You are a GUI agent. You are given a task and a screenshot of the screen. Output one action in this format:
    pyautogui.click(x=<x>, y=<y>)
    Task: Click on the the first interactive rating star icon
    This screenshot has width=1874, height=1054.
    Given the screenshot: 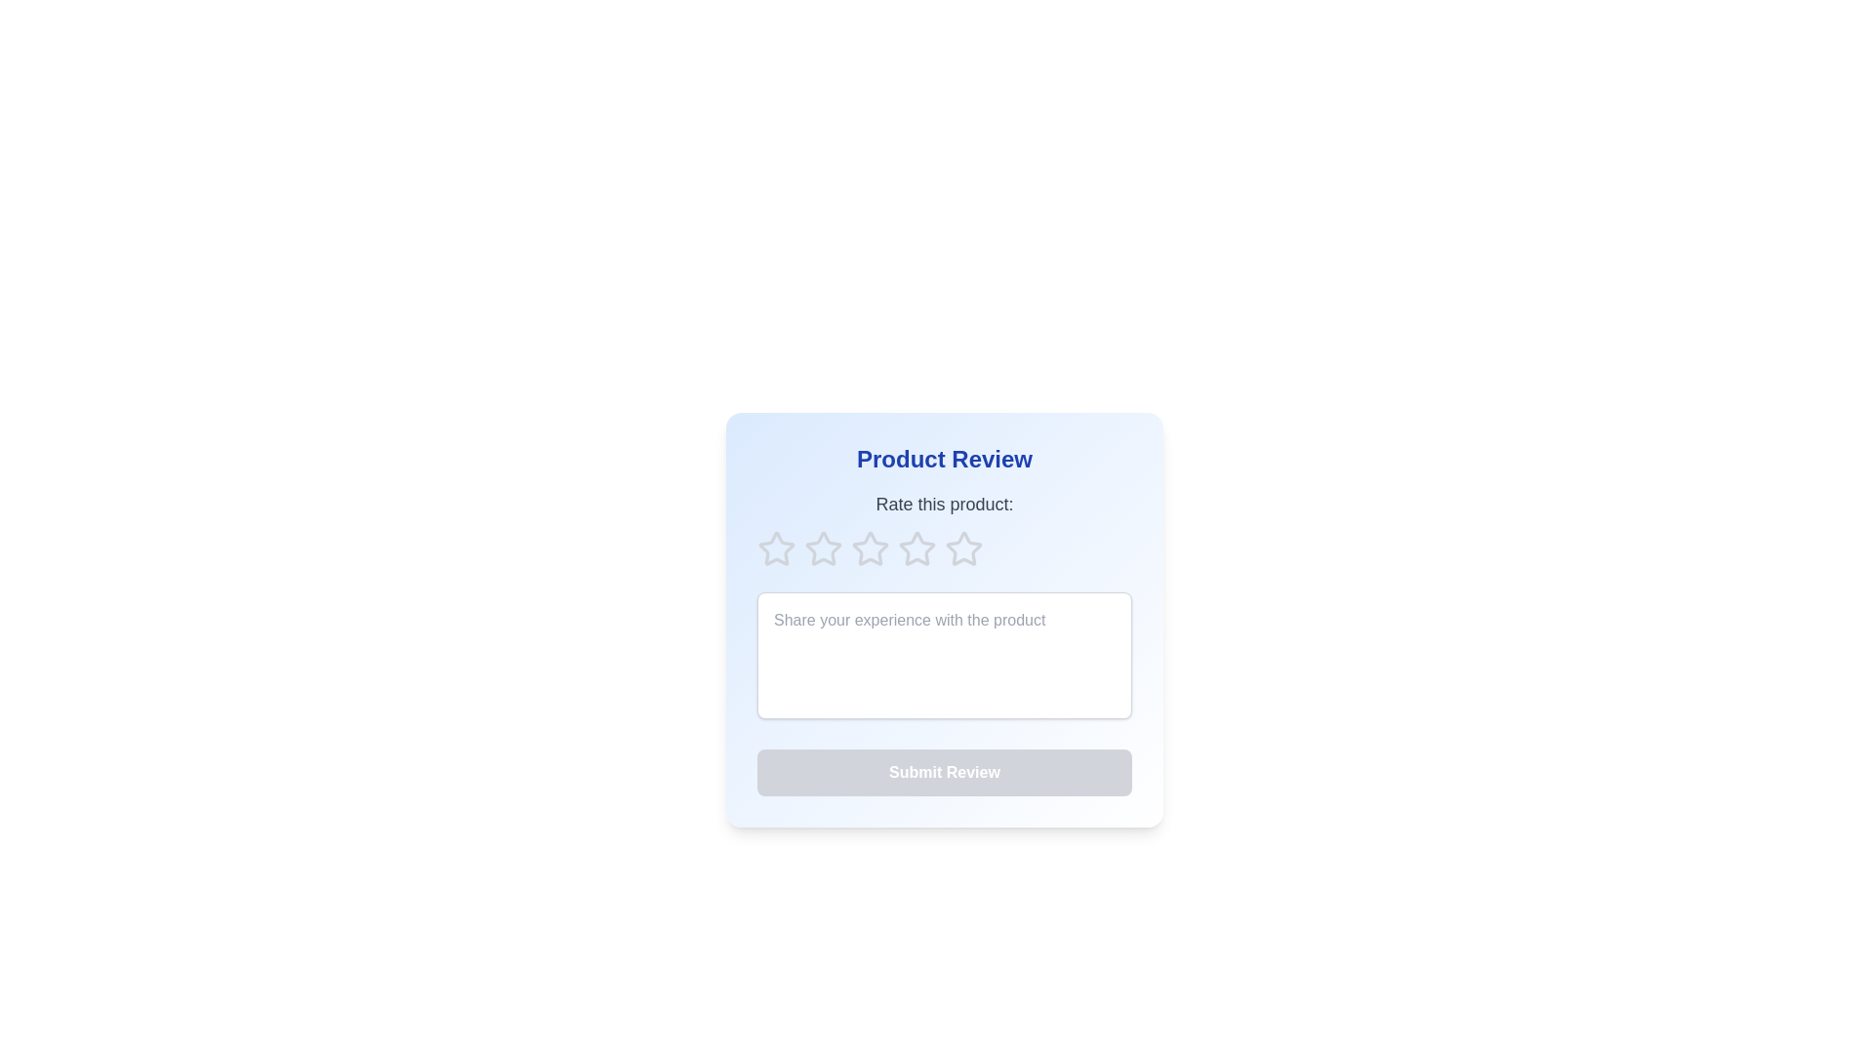 What is the action you would take?
    pyautogui.click(x=776, y=549)
    